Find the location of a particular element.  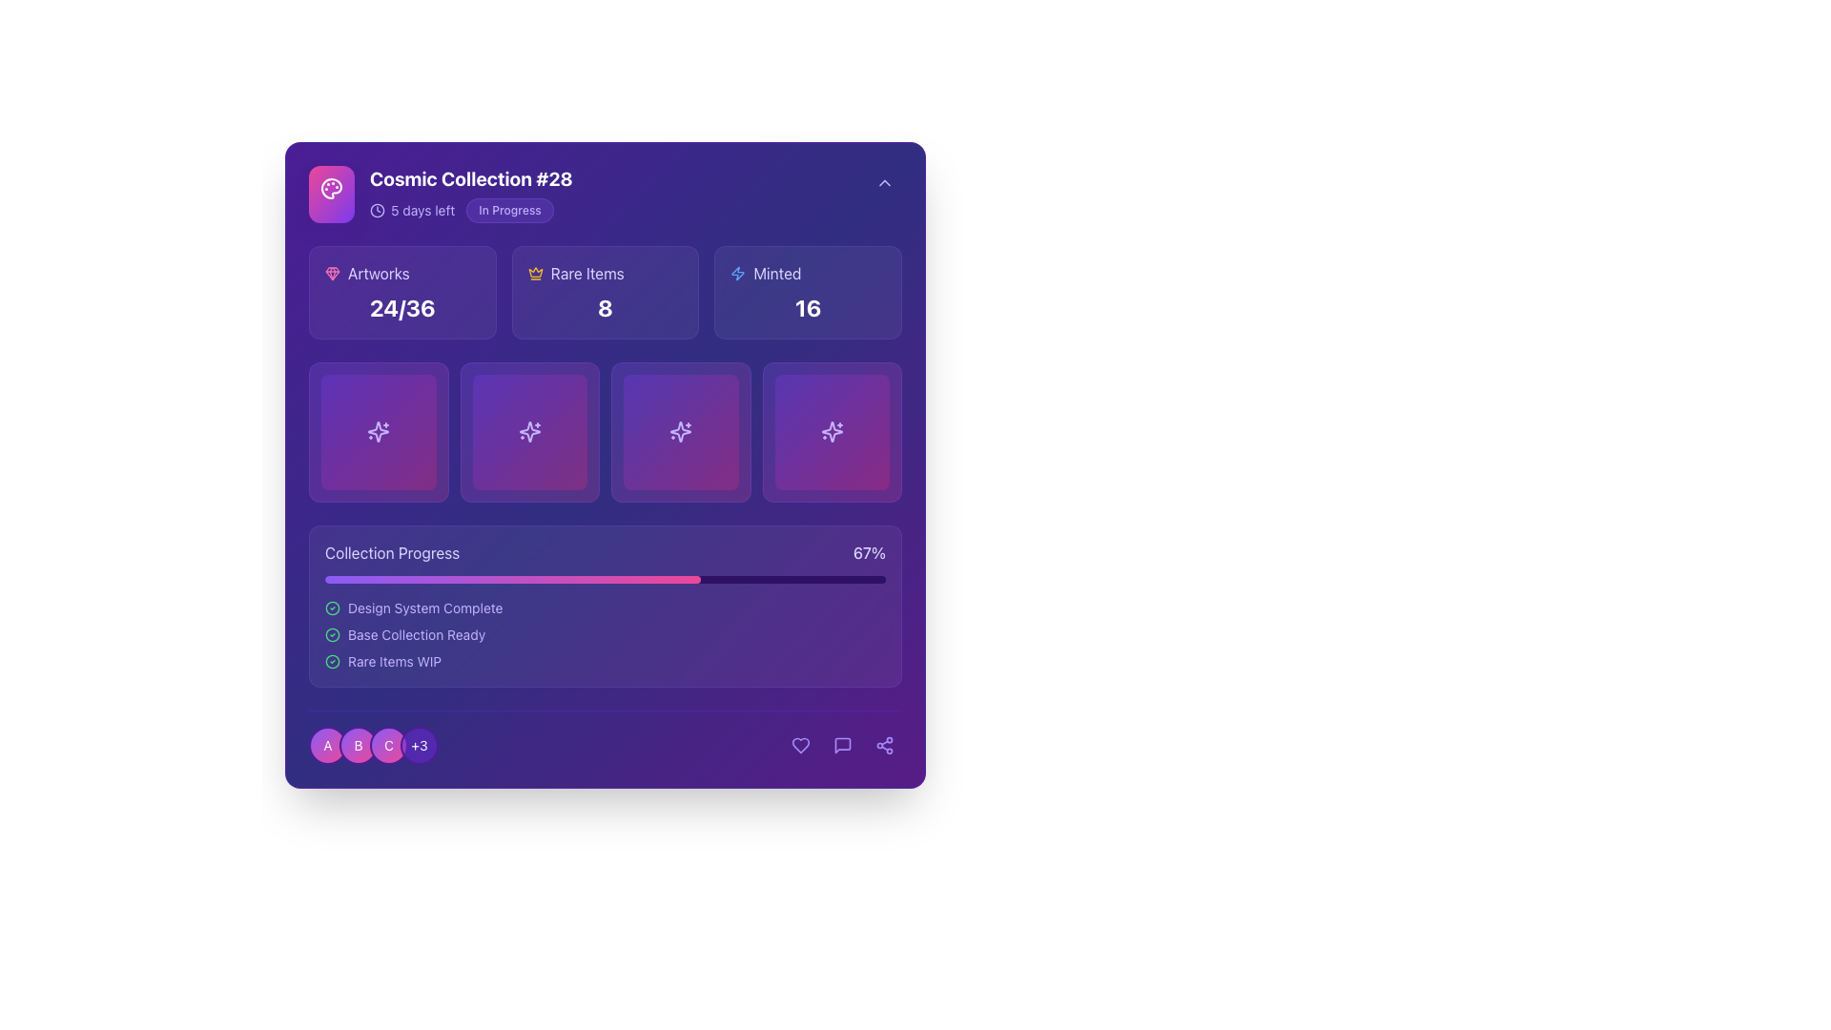

the interactive widget located in the second column of a grid of four elements, centered horizontally within its section is located at coordinates (529, 432).